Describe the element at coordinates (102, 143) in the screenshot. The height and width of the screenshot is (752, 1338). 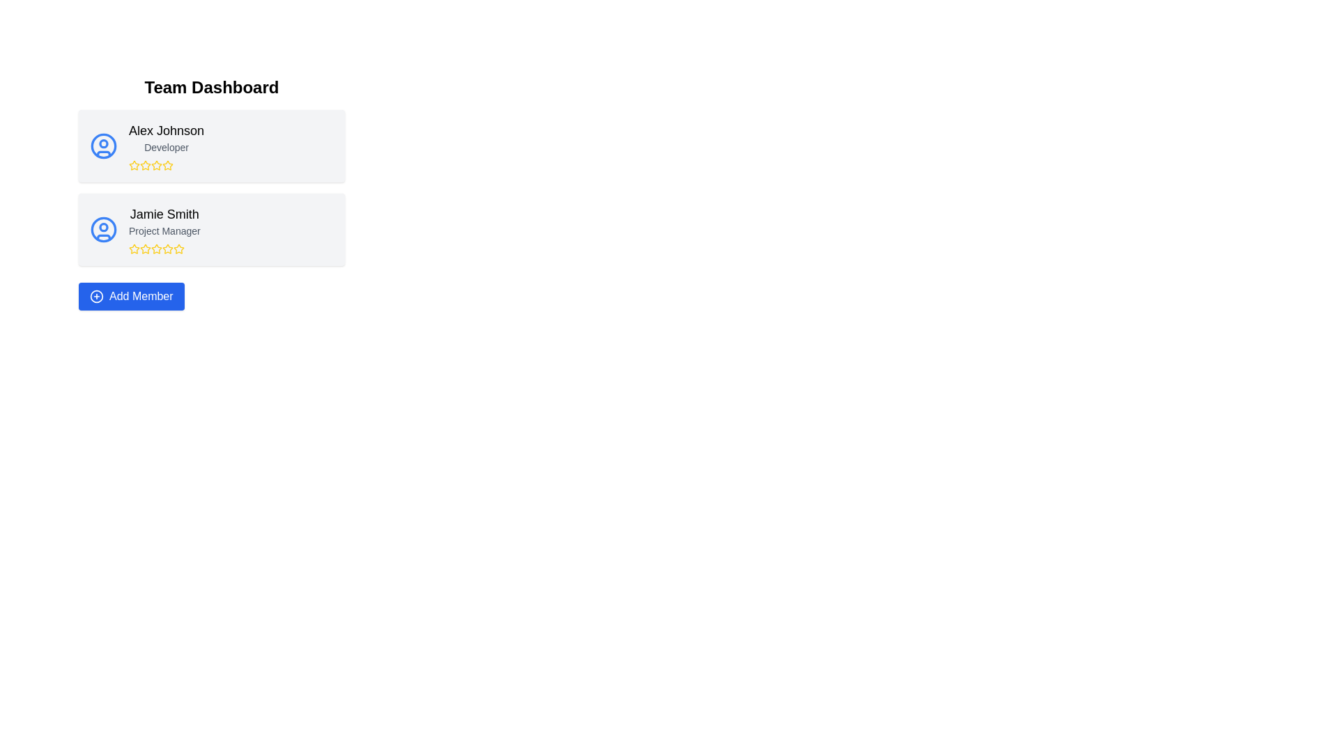
I see `the circular graphic element representing the profile picture of user 'Alex Johnson' located at the top-center of the avatar component` at that location.